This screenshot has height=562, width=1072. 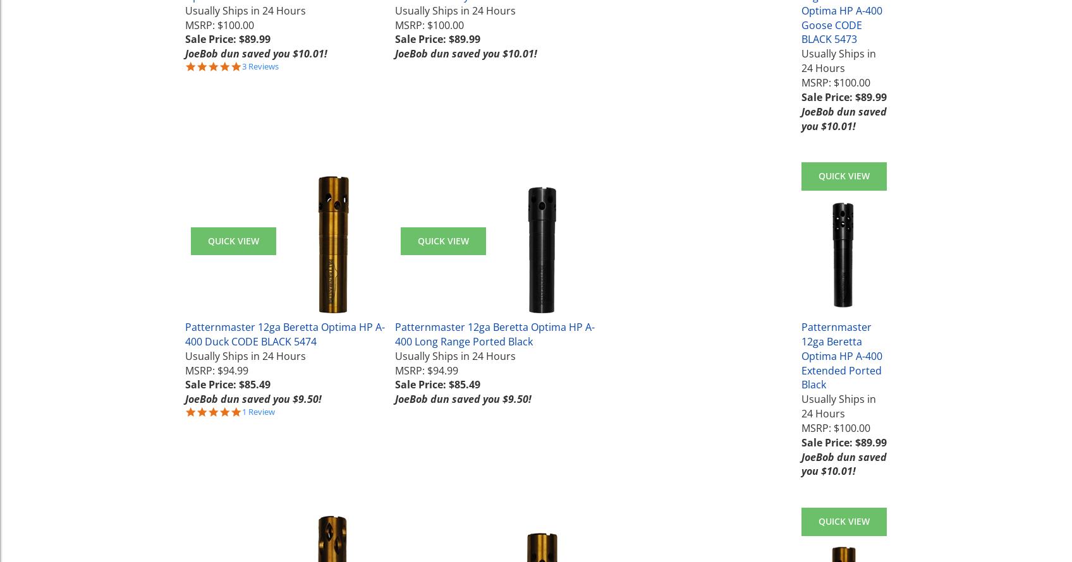 What do you see at coordinates (394, 333) in the screenshot?
I see `'Patternmaster 12ga Beretta Optima HP A-400 Long Range Ported Black'` at bounding box center [394, 333].